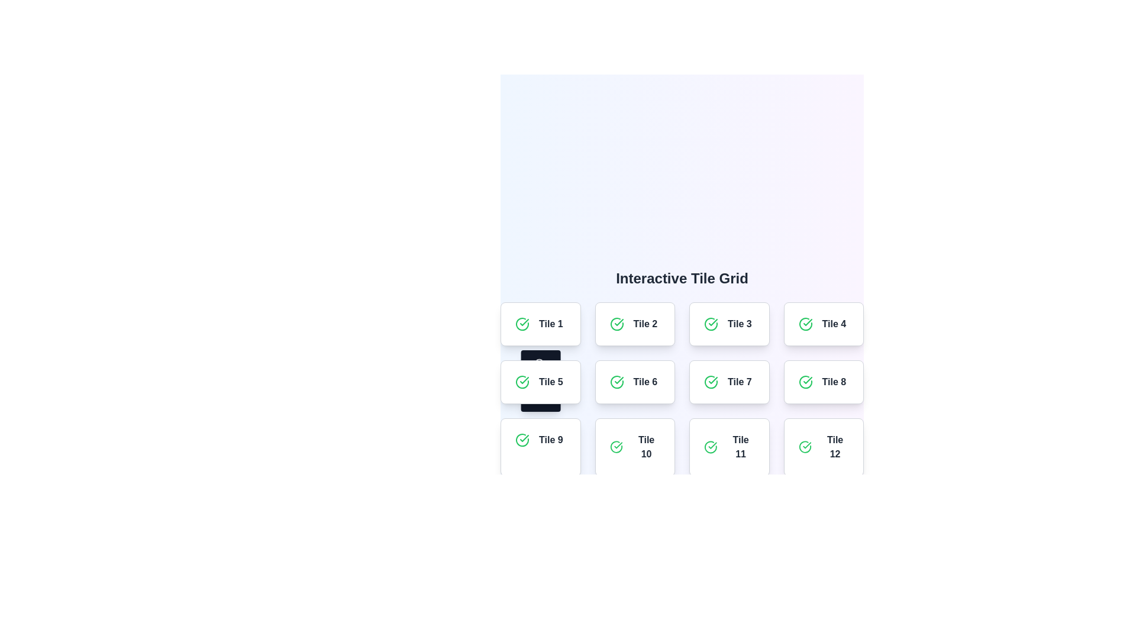 Image resolution: width=1136 pixels, height=639 pixels. What do you see at coordinates (728, 324) in the screenshot?
I see `the 'Tile 3' element, which is a block layout component with a green check icon and bold black text` at bounding box center [728, 324].